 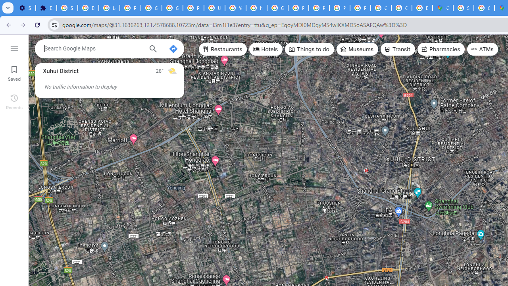 I want to click on 'Google Maps', so click(x=443, y=8).